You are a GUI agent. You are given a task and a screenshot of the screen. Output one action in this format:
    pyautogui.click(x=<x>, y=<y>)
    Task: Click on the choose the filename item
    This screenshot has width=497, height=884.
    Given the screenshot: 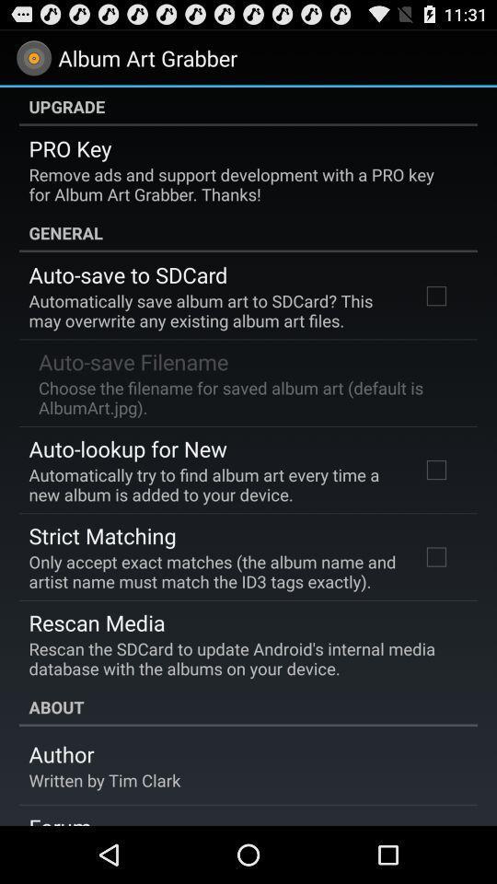 What is the action you would take?
    pyautogui.click(x=247, y=397)
    